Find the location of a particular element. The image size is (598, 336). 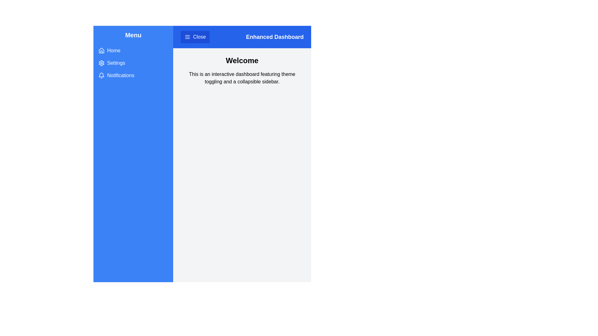

the button located in the blue header section, the first element next to the 'Enhanced Dashboard' label is located at coordinates (195, 37).